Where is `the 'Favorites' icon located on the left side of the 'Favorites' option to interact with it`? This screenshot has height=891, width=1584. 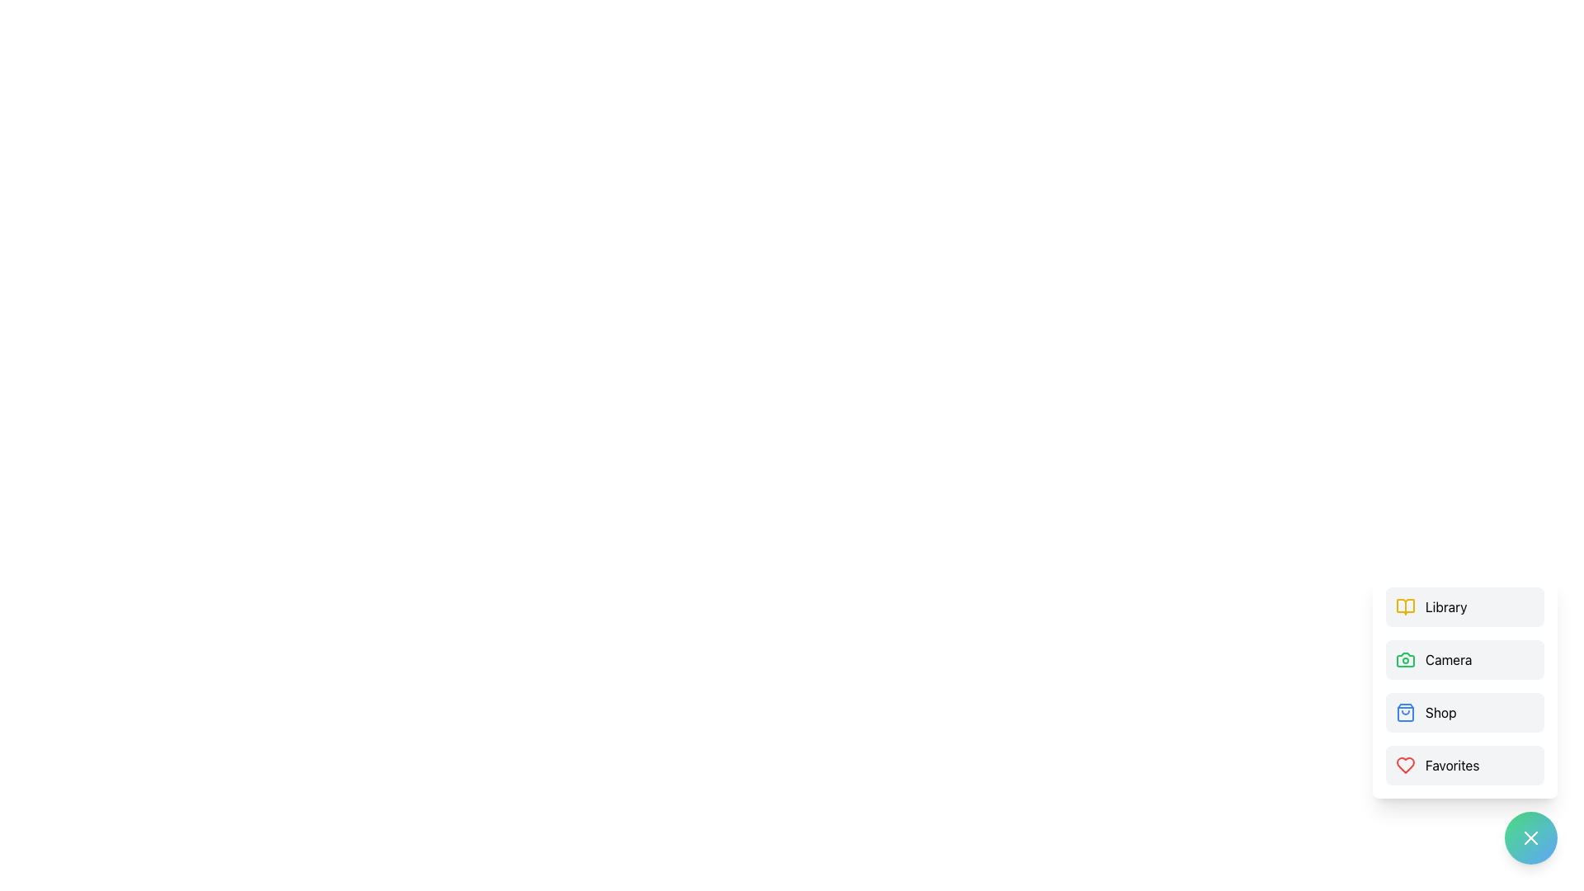
the 'Favorites' icon located on the left side of the 'Favorites' option to interact with it is located at coordinates (1405, 766).